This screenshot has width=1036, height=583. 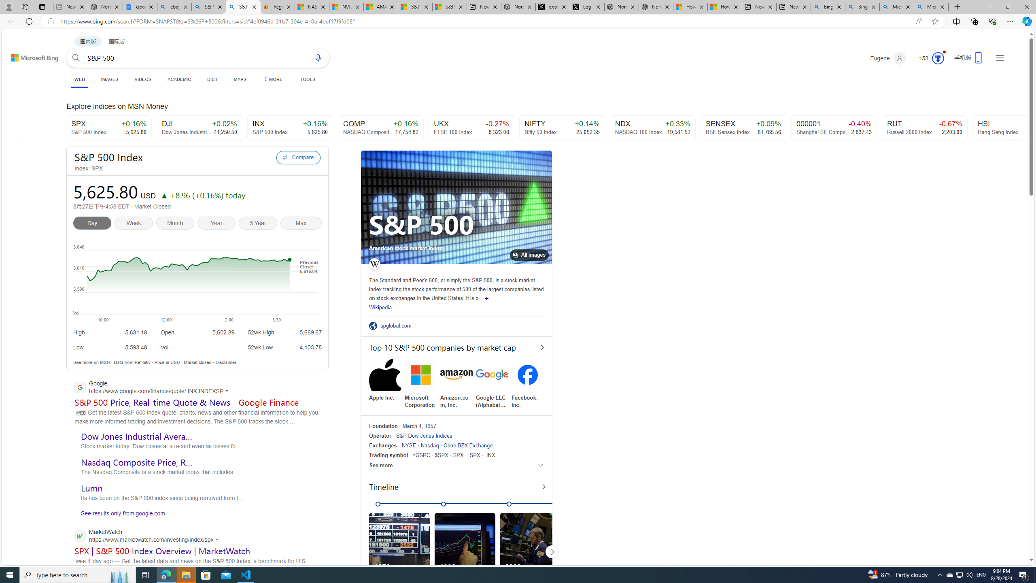 What do you see at coordinates (373, 326) in the screenshot?
I see `'Class: sp-ofsite'` at bounding box center [373, 326].